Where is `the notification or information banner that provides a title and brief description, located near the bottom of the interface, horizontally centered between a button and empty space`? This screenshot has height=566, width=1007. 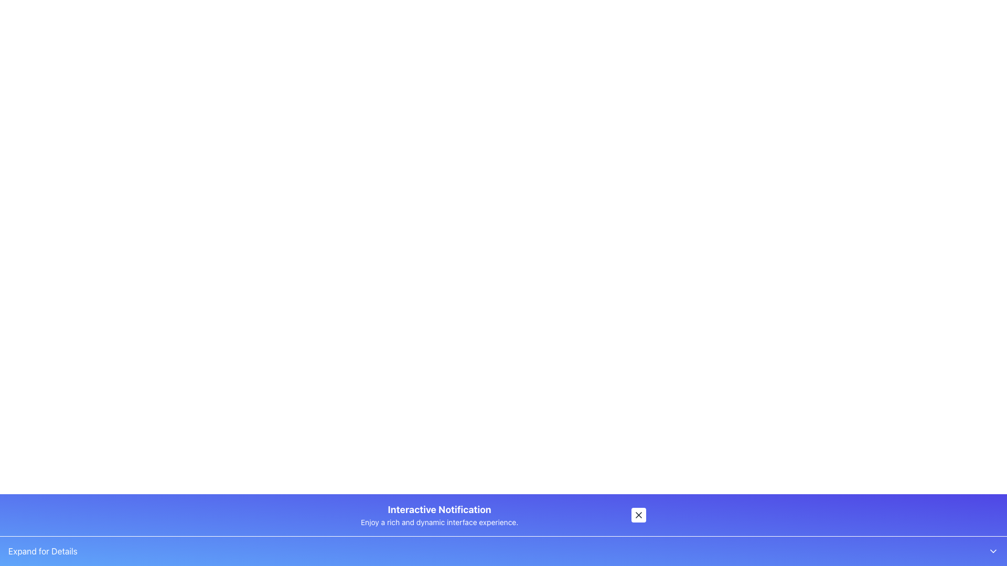 the notification or information banner that provides a title and brief description, located near the bottom of the interface, horizontally centered between a button and empty space is located at coordinates (440, 515).